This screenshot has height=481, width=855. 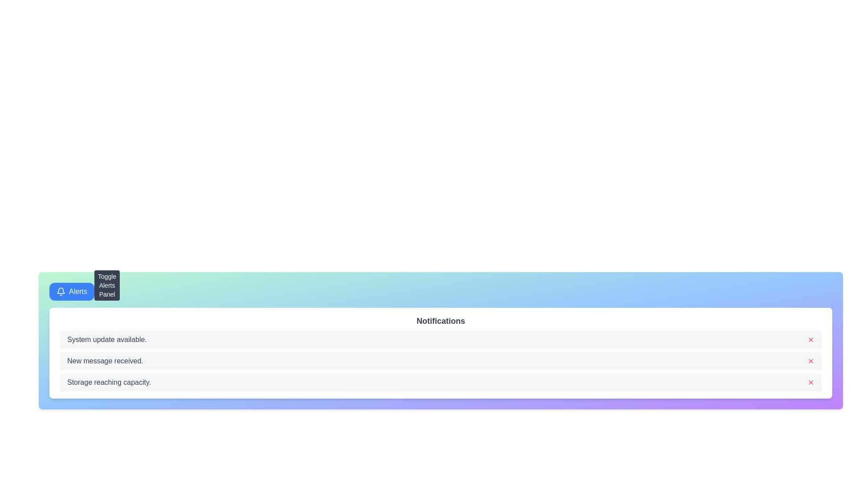 I want to click on the blue bell icon labeled 'Alerts', so click(x=61, y=292).